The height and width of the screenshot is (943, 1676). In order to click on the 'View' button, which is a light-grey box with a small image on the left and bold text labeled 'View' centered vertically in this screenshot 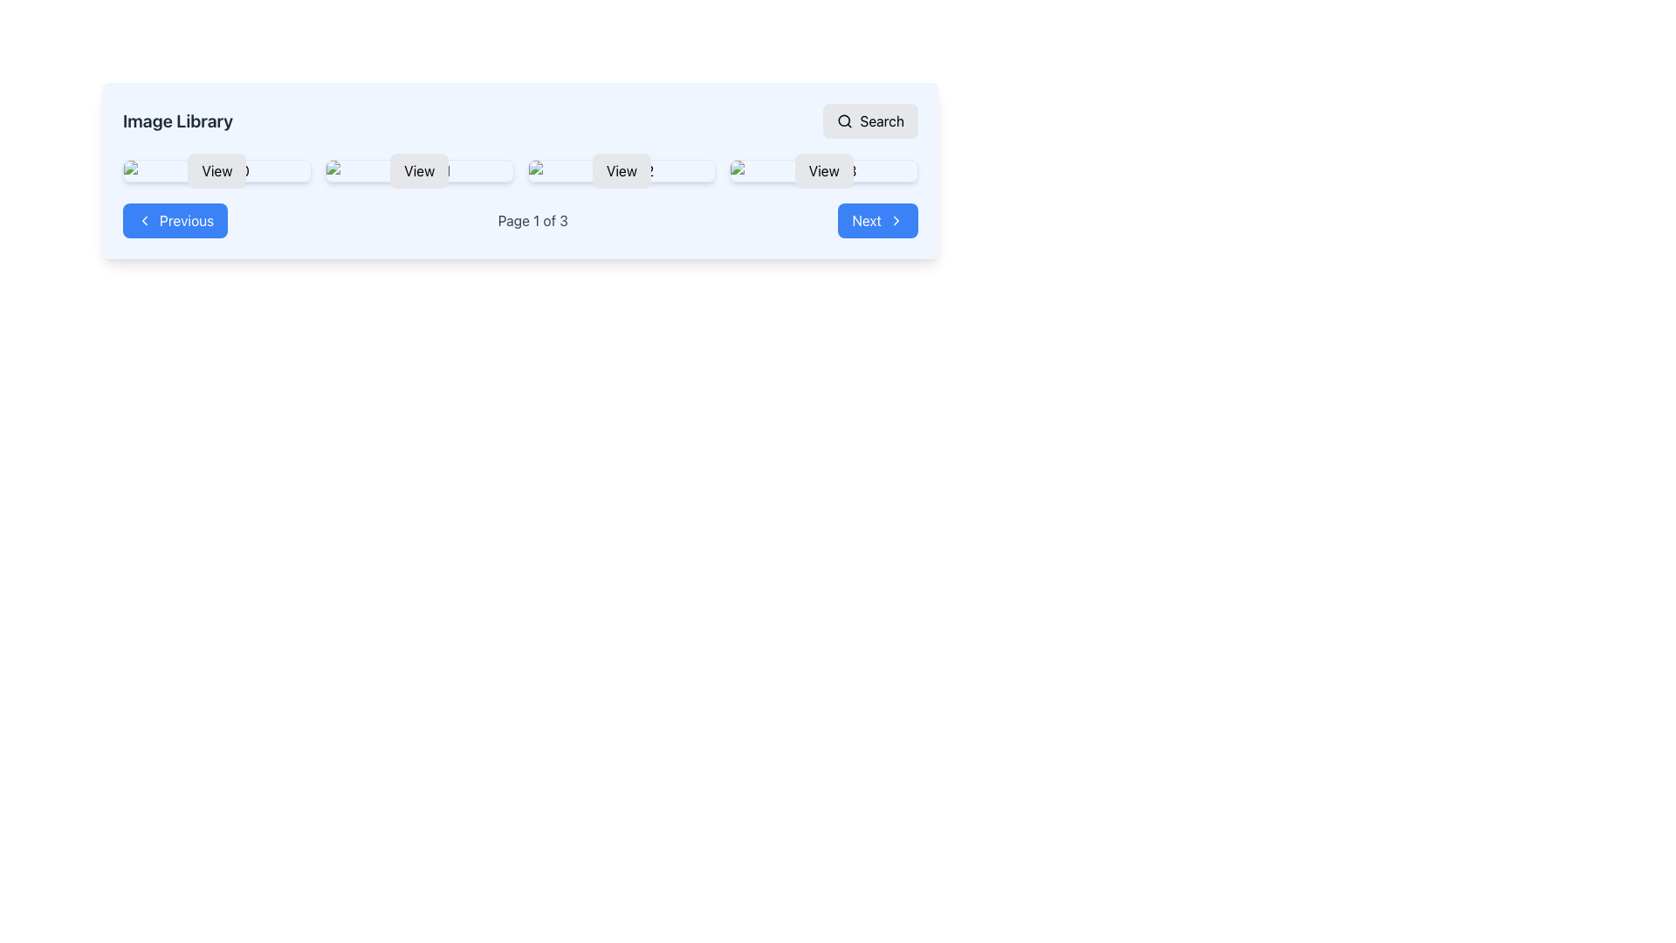, I will do `click(622, 171)`.